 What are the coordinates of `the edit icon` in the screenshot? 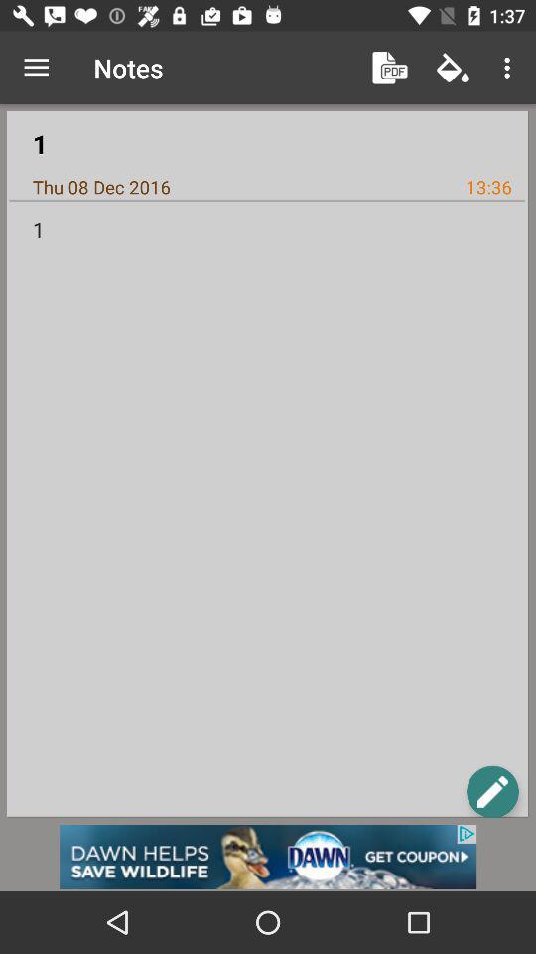 It's located at (491, 791).